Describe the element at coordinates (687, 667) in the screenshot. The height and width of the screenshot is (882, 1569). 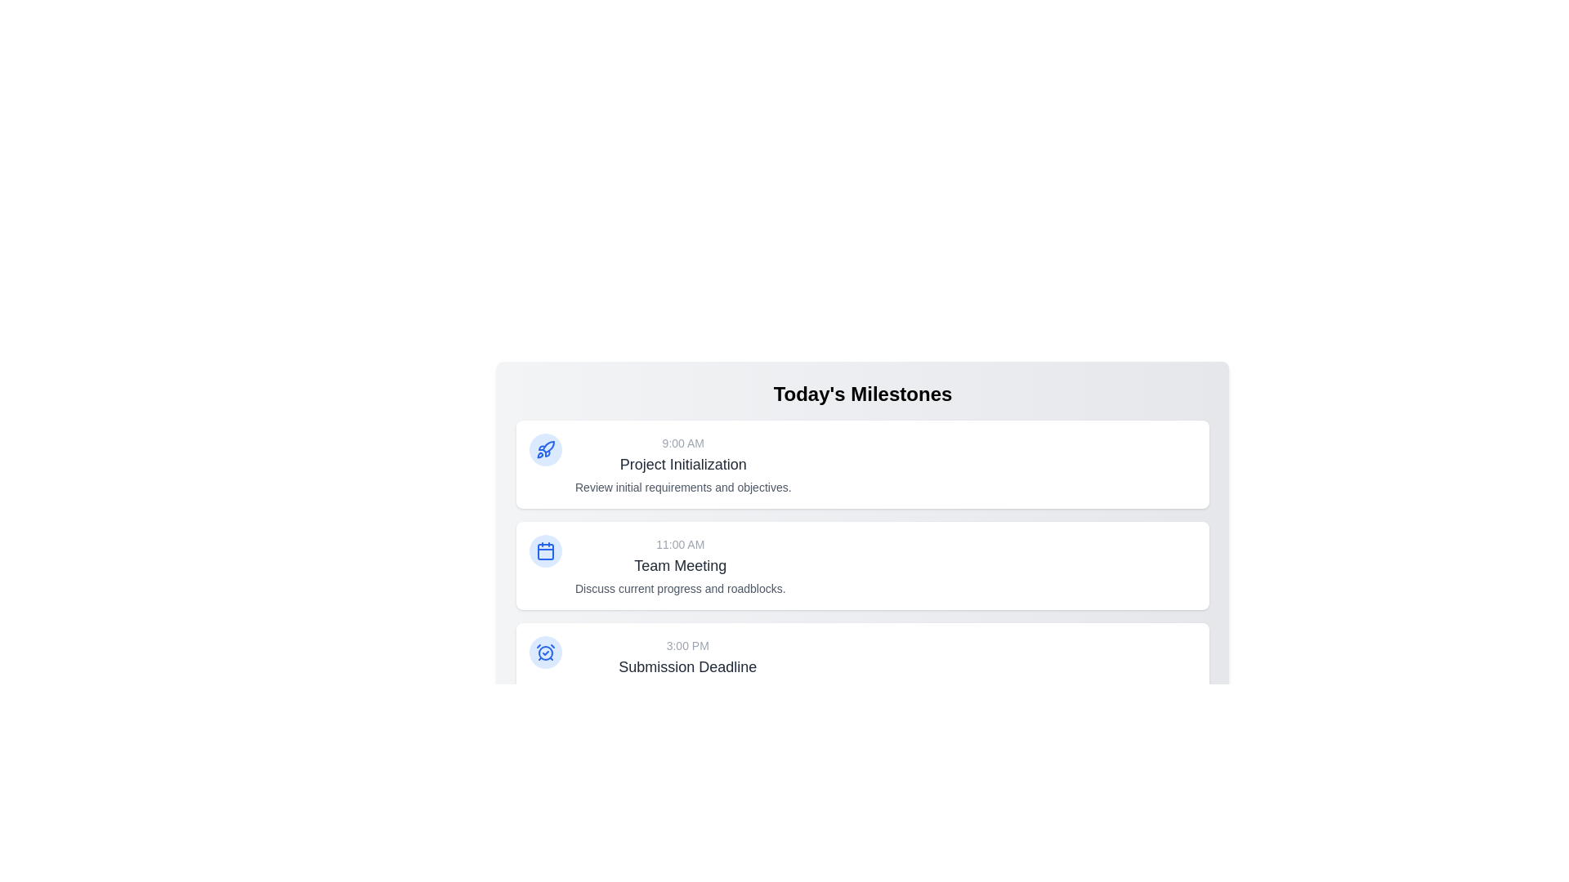
I see `the 'Submission Deadline' text block located under 'Today's Milestones' section to use it as a reference` at that location.